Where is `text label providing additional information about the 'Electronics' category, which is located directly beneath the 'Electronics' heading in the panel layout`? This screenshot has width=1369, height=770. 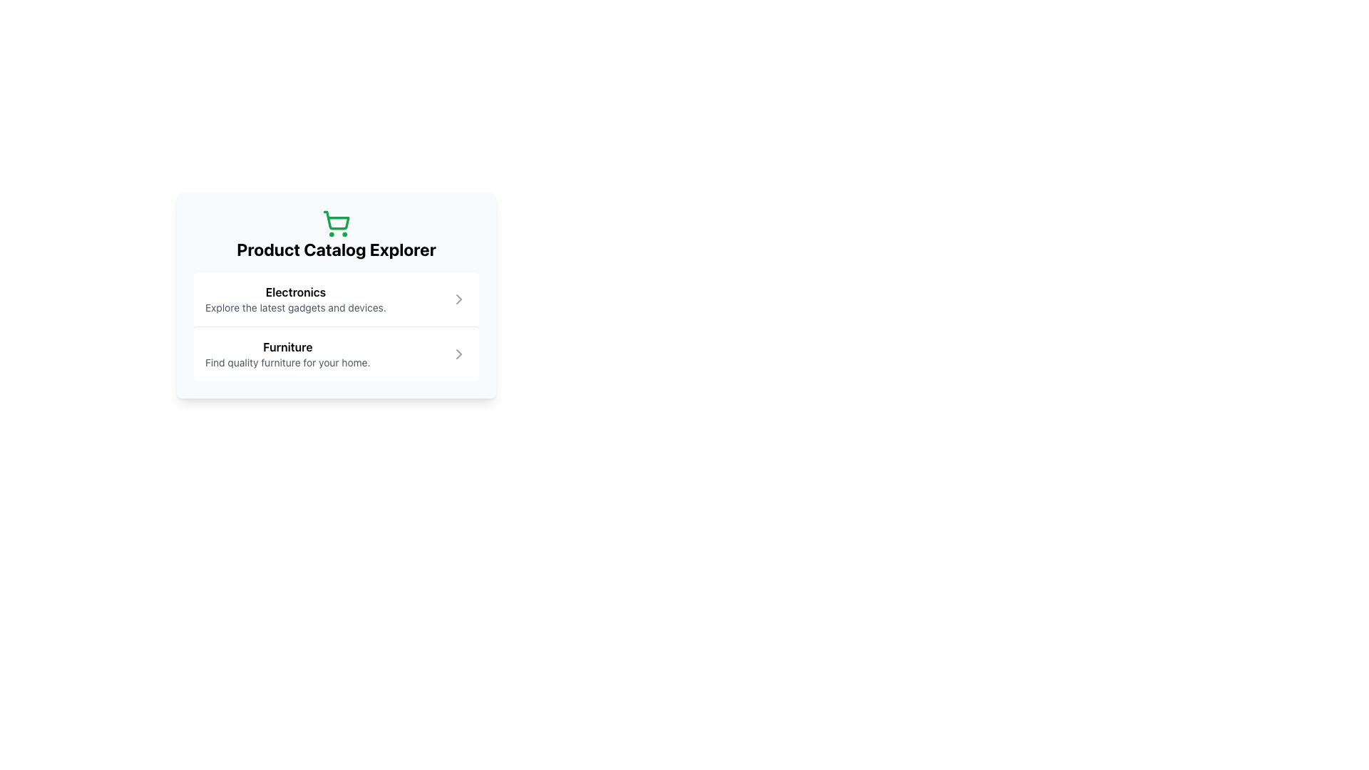 text label providing additional information about the 'Electronics' category, which is located directly beneath the 'Electronics' heading in the panel layout is located at coordinates (294, 307).